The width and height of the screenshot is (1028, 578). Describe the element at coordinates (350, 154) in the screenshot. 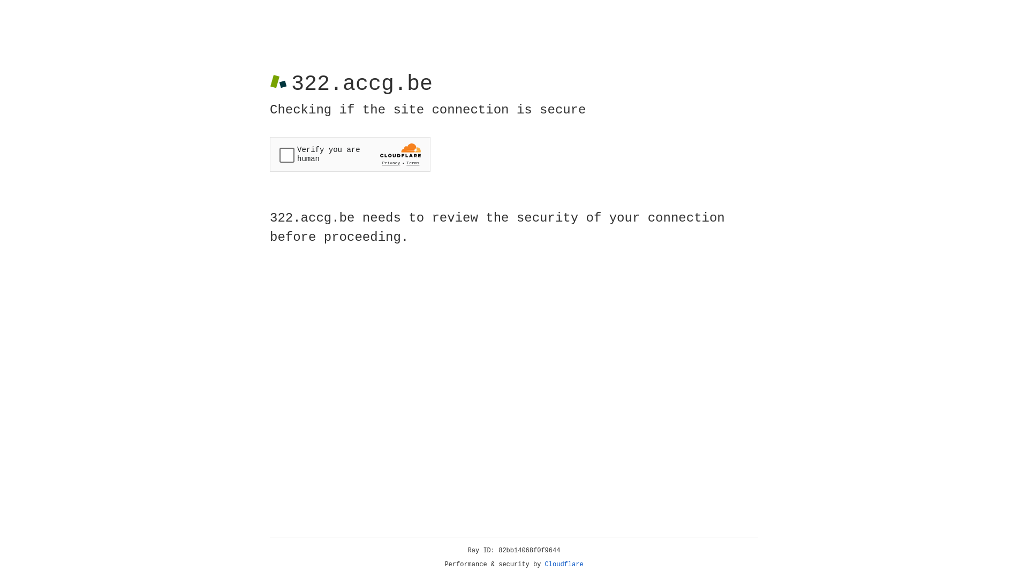

I see `'Widget containing a Cloudflare security challenge'` at that location.